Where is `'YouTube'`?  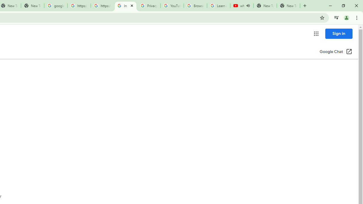 'YouTube' is located at coordinates (172, 6).